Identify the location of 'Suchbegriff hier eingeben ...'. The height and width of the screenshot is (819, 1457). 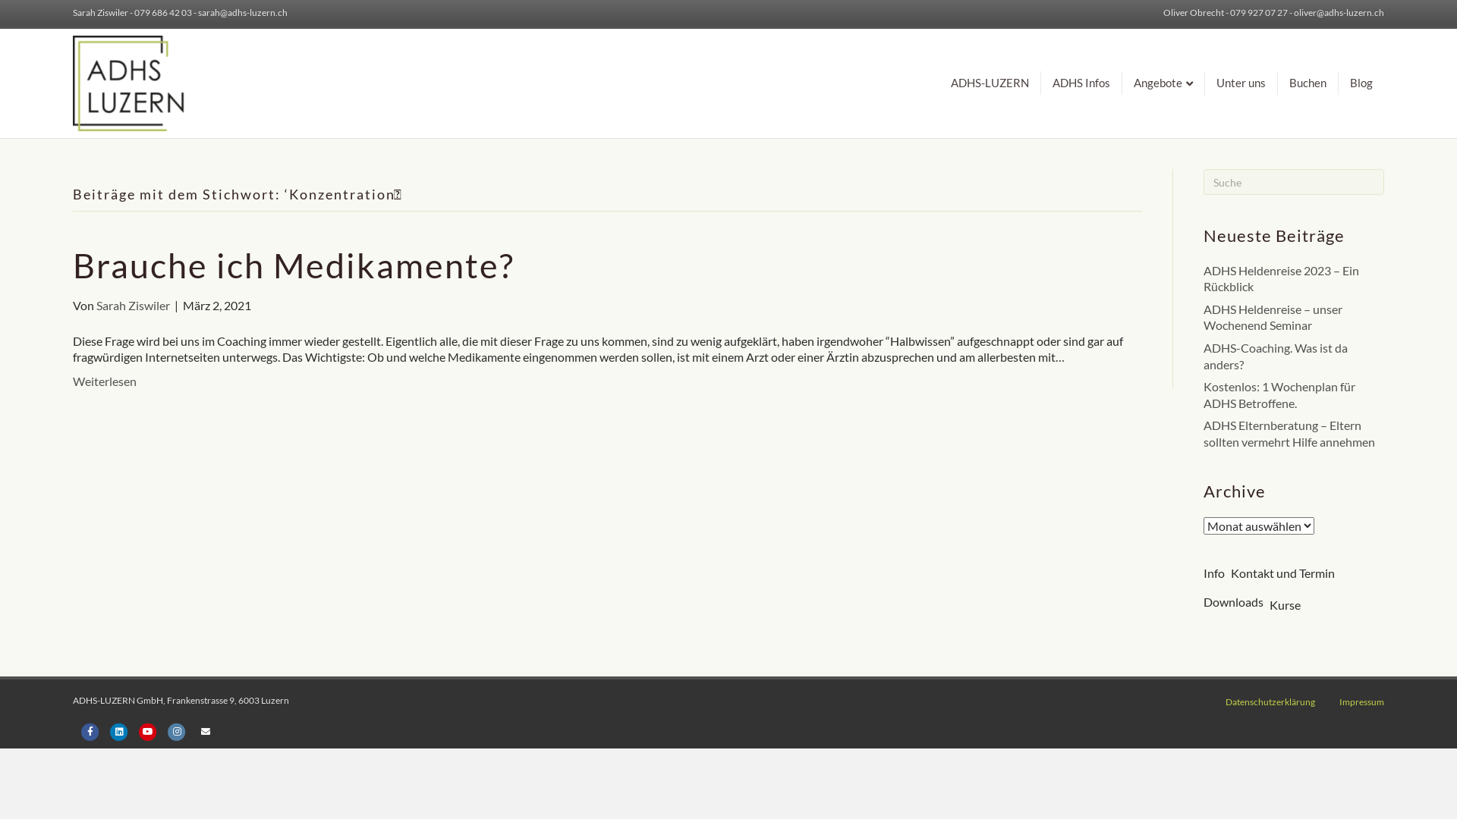
(1292, 180).